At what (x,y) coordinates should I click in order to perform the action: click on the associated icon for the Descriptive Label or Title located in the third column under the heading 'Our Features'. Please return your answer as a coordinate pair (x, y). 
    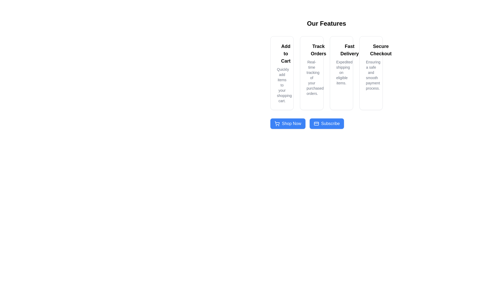
    Looking at the image, I should click on (341, 50).